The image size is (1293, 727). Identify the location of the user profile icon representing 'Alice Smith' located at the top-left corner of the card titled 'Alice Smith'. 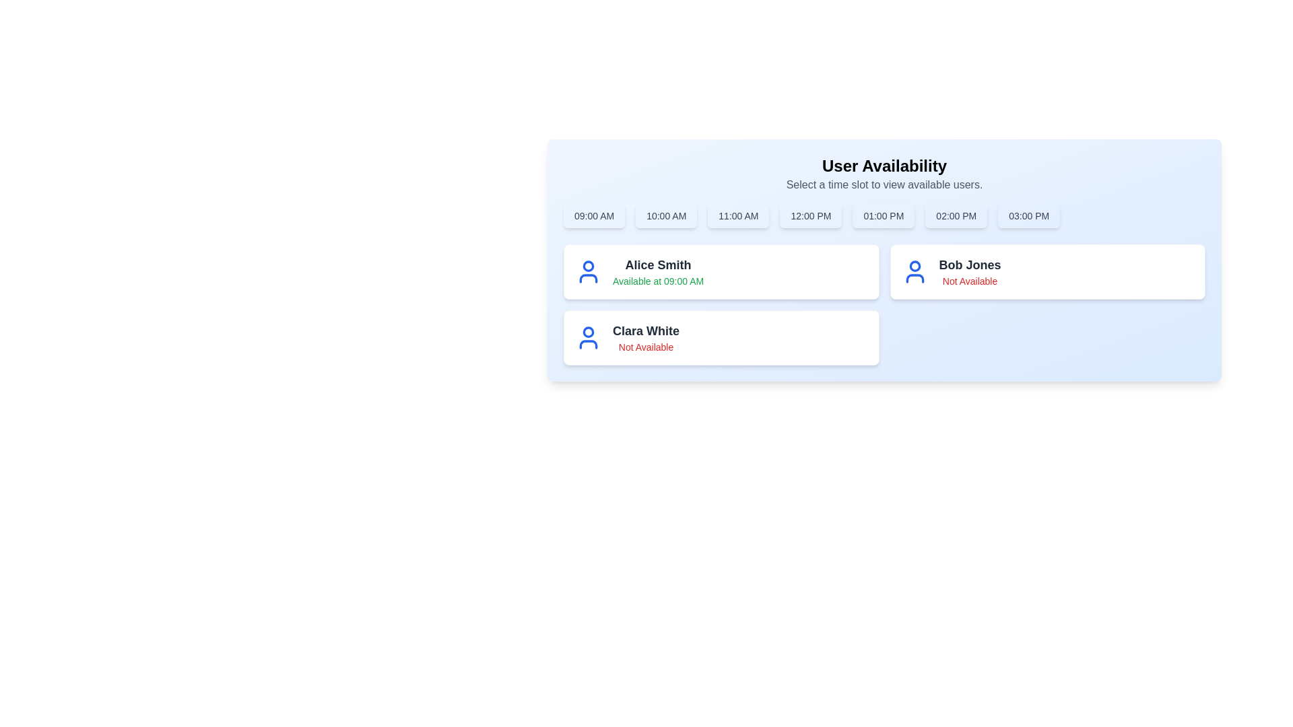
(588, 272).